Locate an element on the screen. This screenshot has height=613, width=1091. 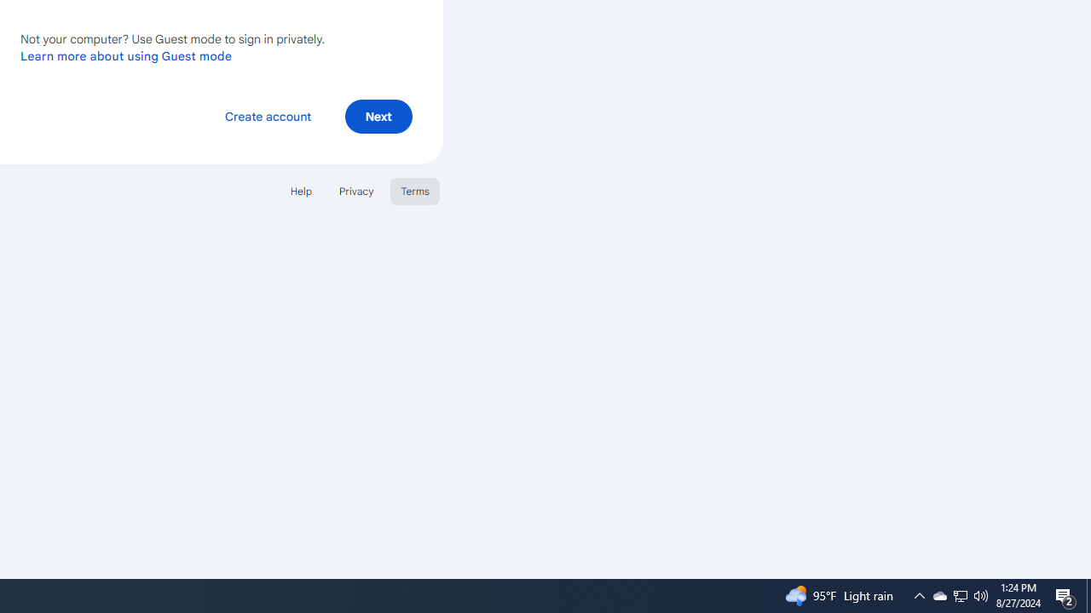
'Next' is located at coordinates (378, 115).